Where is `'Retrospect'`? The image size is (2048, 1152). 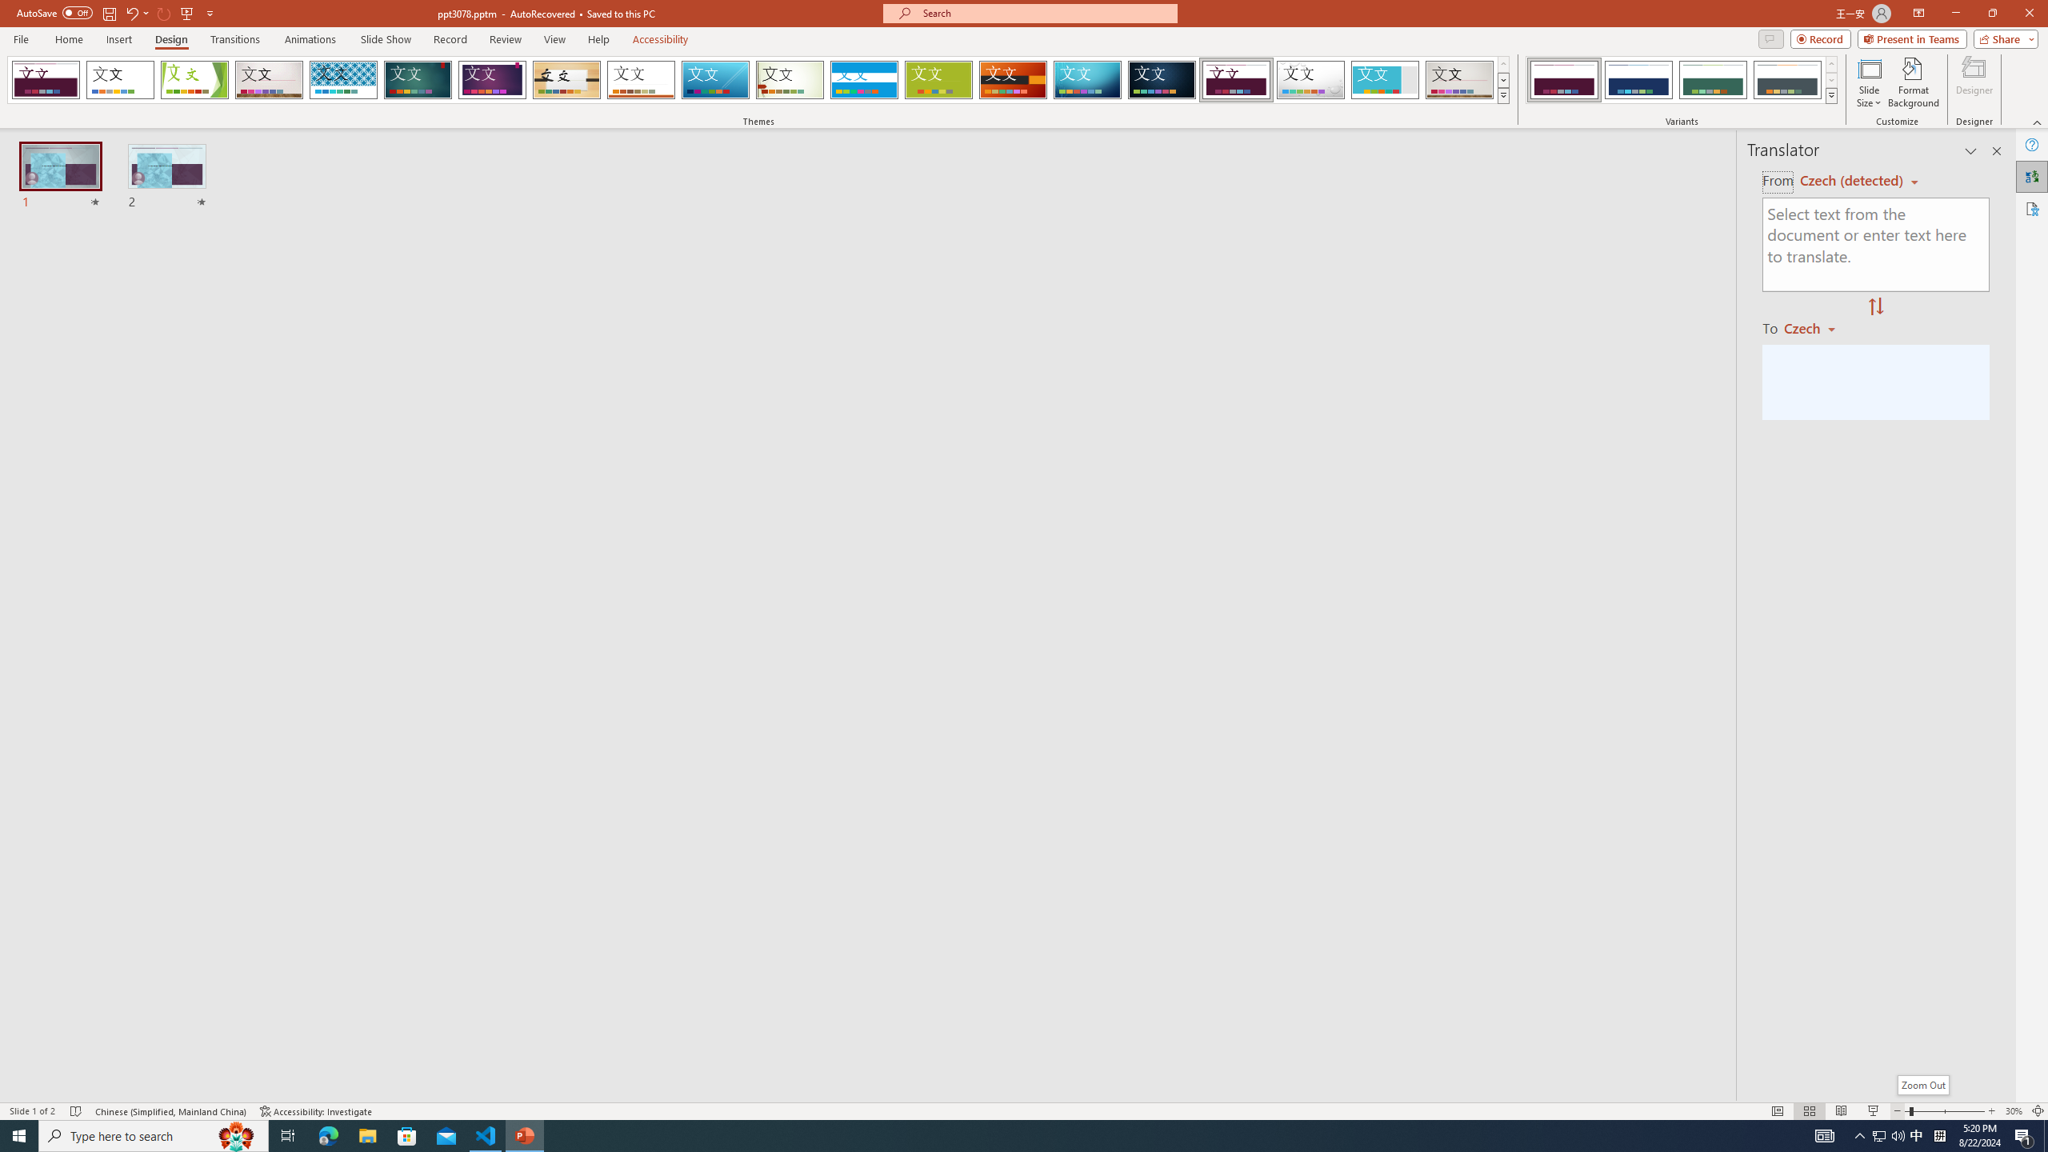 'Retrospect' is located at coordinates (640, 79).